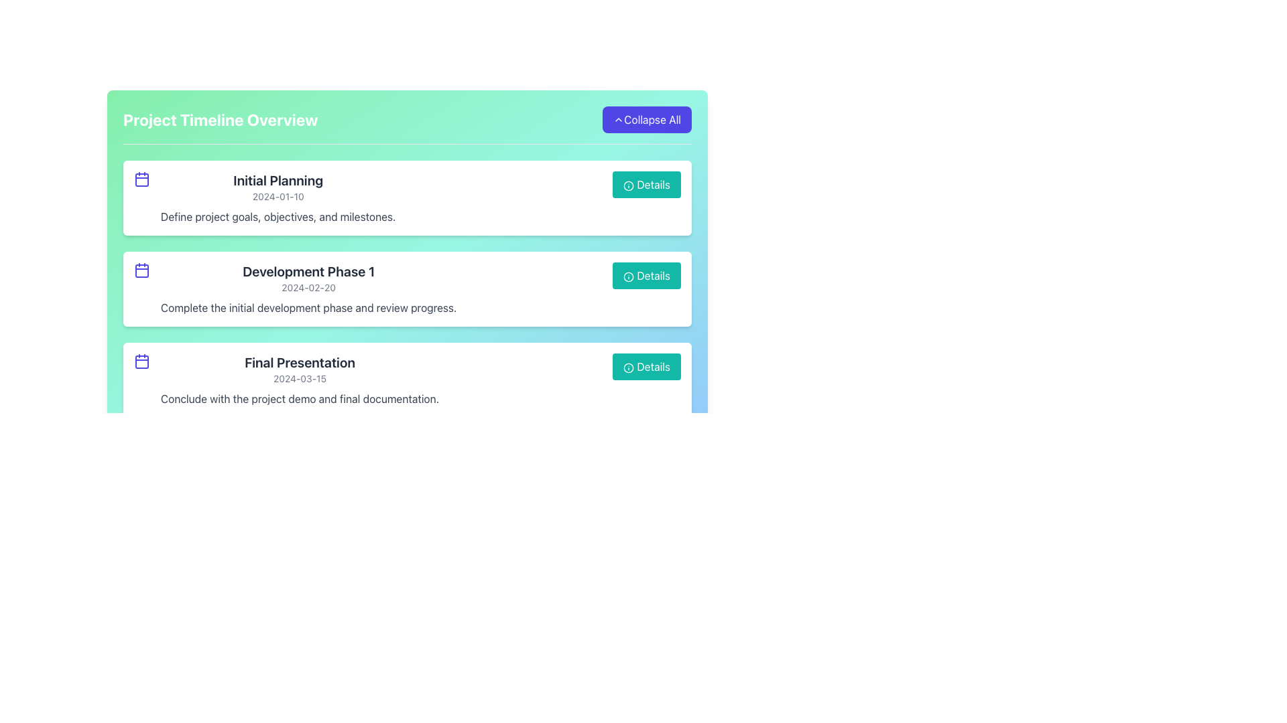 This screenshot has width=1287, height=723. I want to click on the 'Details' button that contains the circular information icon with a teal background and white 'i' inside, located at the bottom right of the 'Final Presentation' card in the Project Timeline Overview section, so click(627, 367).